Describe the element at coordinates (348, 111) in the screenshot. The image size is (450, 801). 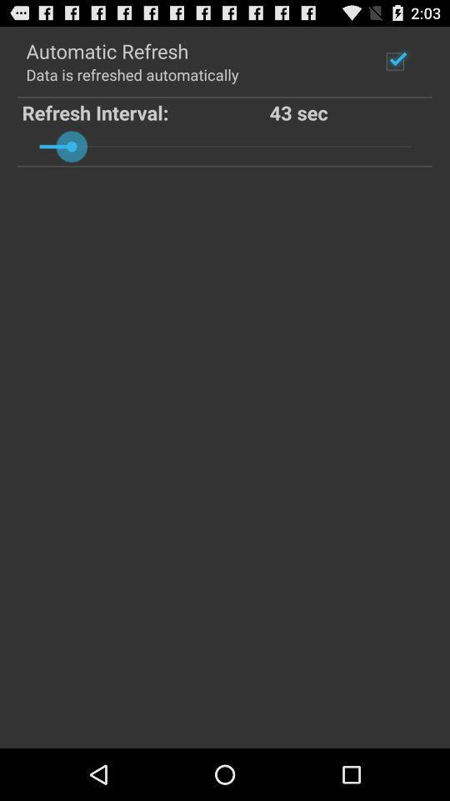
I see `43 sec icon` at that location.